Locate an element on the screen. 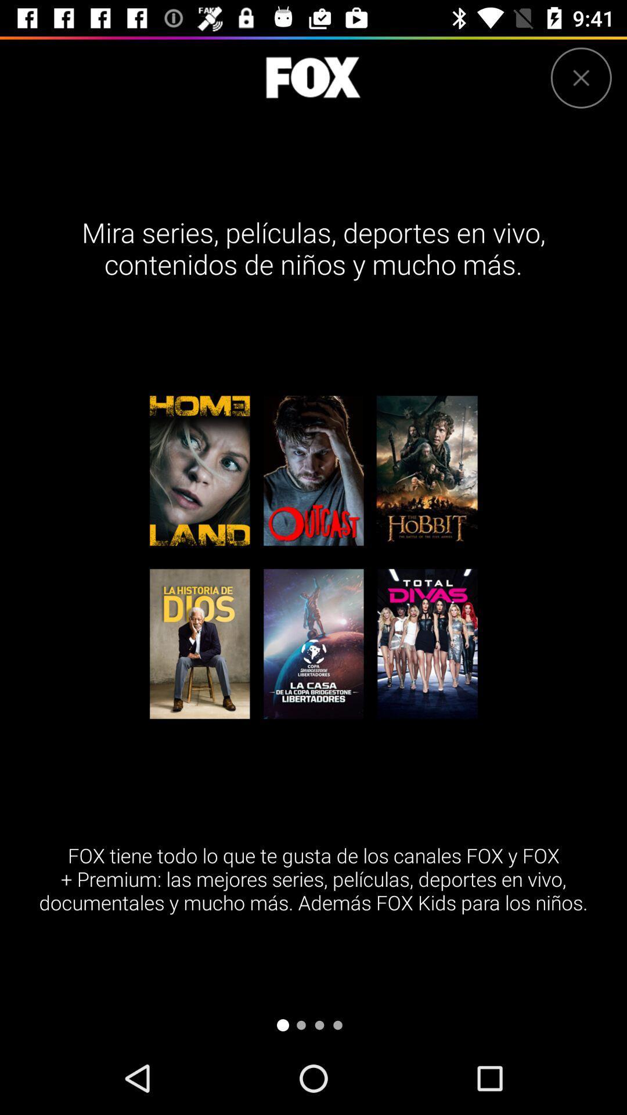 This screenshot has height=1115, width=627. close is located at coordinates (581, 77).